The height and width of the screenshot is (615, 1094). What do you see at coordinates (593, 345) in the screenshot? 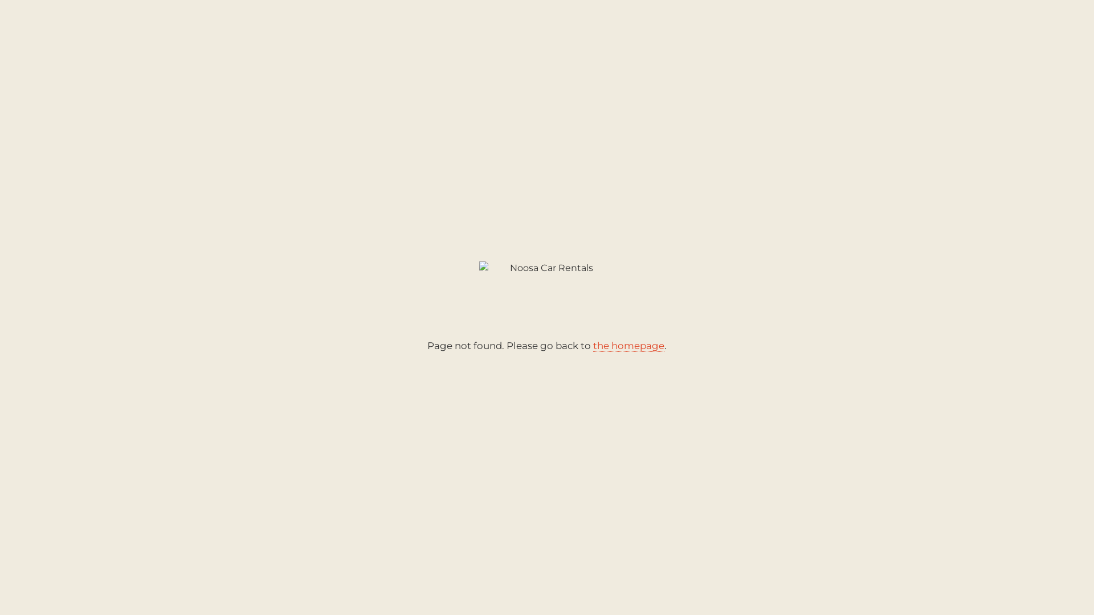
I see `'the homepage'` at bounding box center [593, 345].